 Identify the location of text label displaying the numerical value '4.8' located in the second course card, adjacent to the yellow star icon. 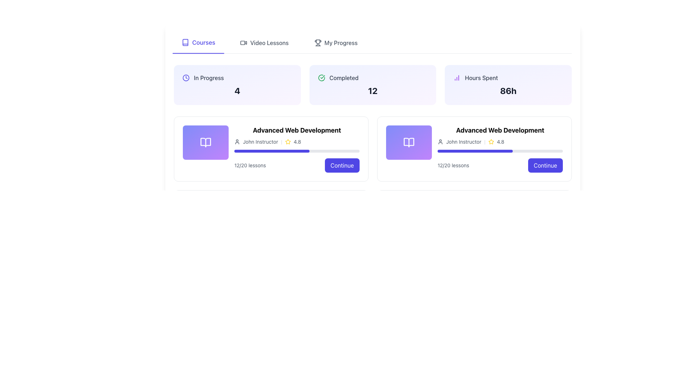
(500, 142).